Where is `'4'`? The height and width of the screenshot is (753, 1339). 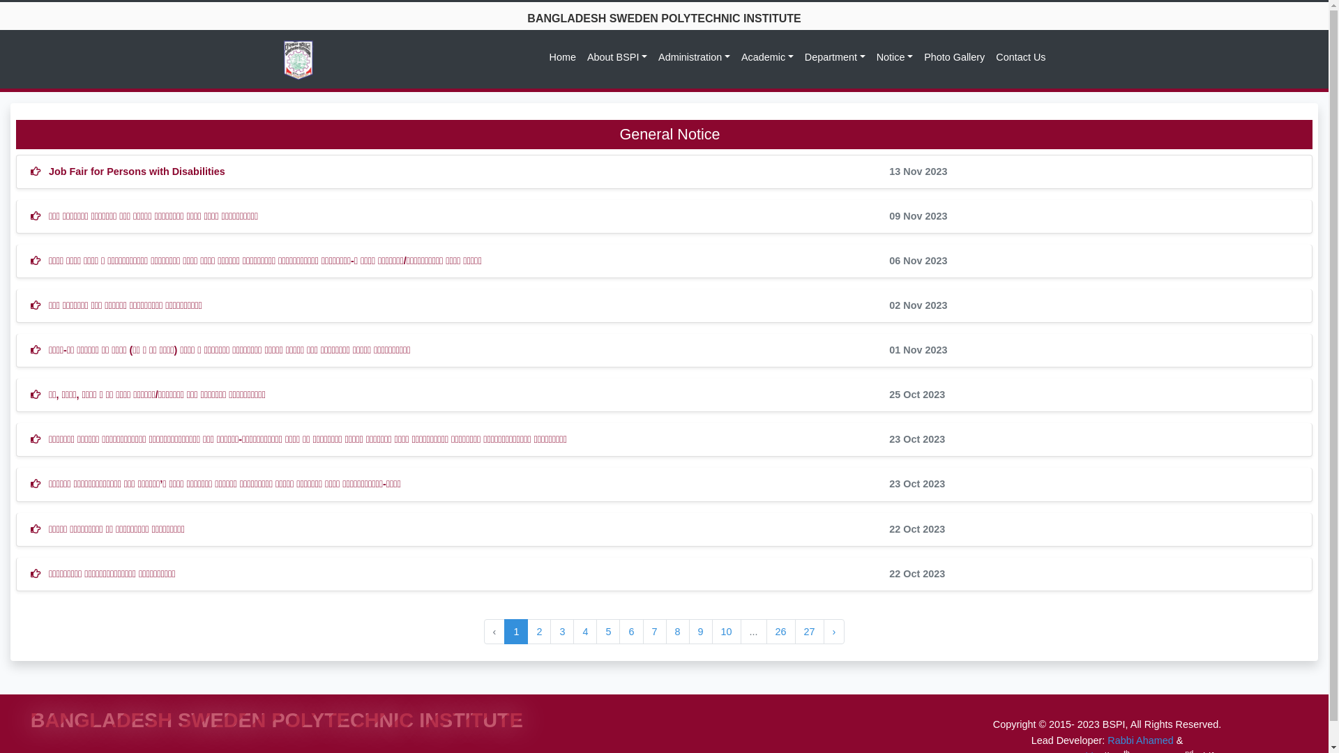 '4' is located at coordinates (585, 632).